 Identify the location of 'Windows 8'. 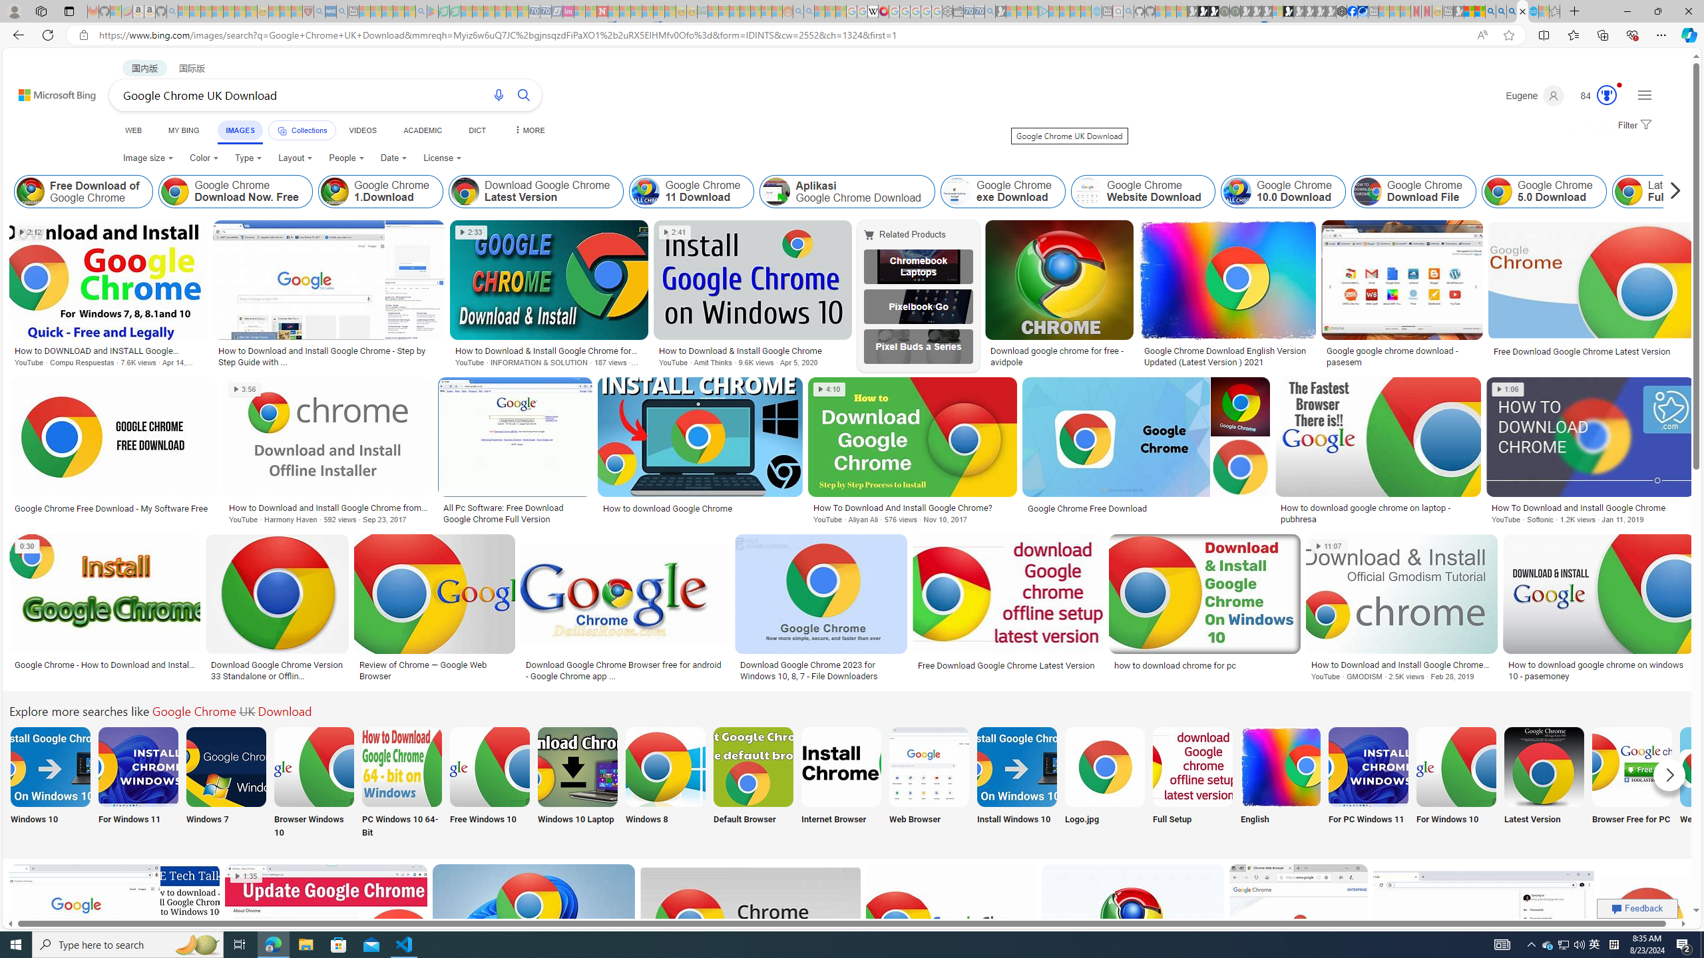
(664, 782).